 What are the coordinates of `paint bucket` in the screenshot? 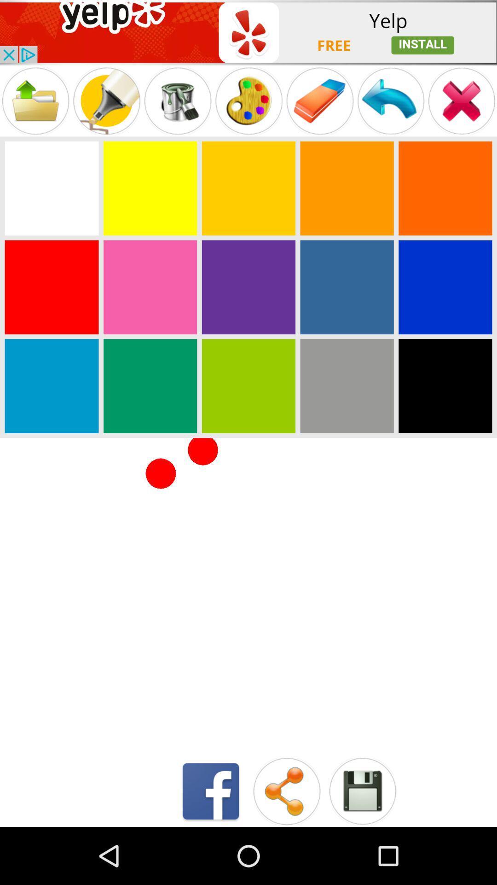 It's located at (178, 101).